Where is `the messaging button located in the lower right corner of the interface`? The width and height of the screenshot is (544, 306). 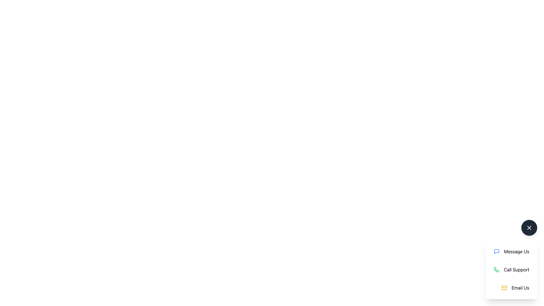 the messaging button located in the lower right corner of the interface is located at coordinates (511, 251).